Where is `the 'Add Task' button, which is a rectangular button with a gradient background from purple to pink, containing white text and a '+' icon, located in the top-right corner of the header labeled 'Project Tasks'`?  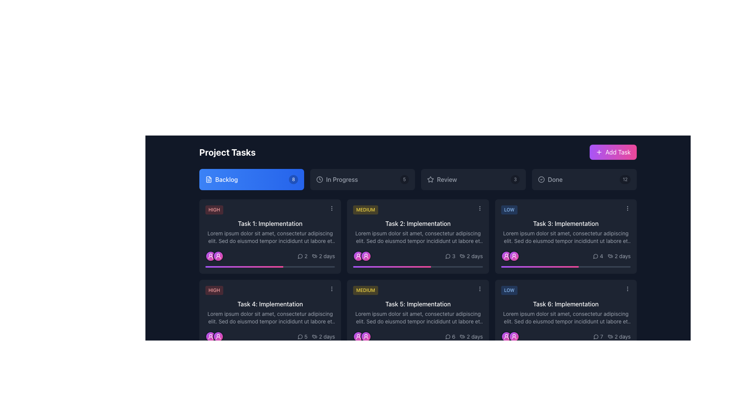 the 'Add Task' button, which is a rectangular button with a gradient background from purple to pink, containing white text and a '+' icon, located in the top-right corner of the header labeled 'Project Tasks' is located at coordinates (613, 152).